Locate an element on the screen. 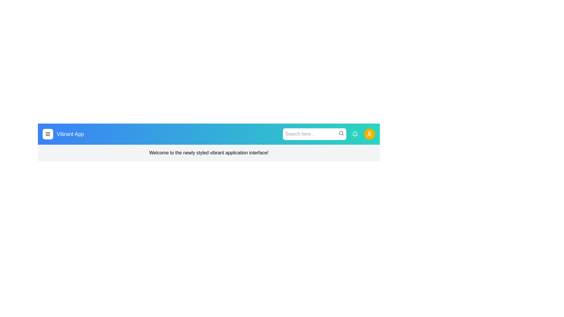 The height and width of the screenshot is (317, 564). the bell notification button is located at coordinates (355, 134).